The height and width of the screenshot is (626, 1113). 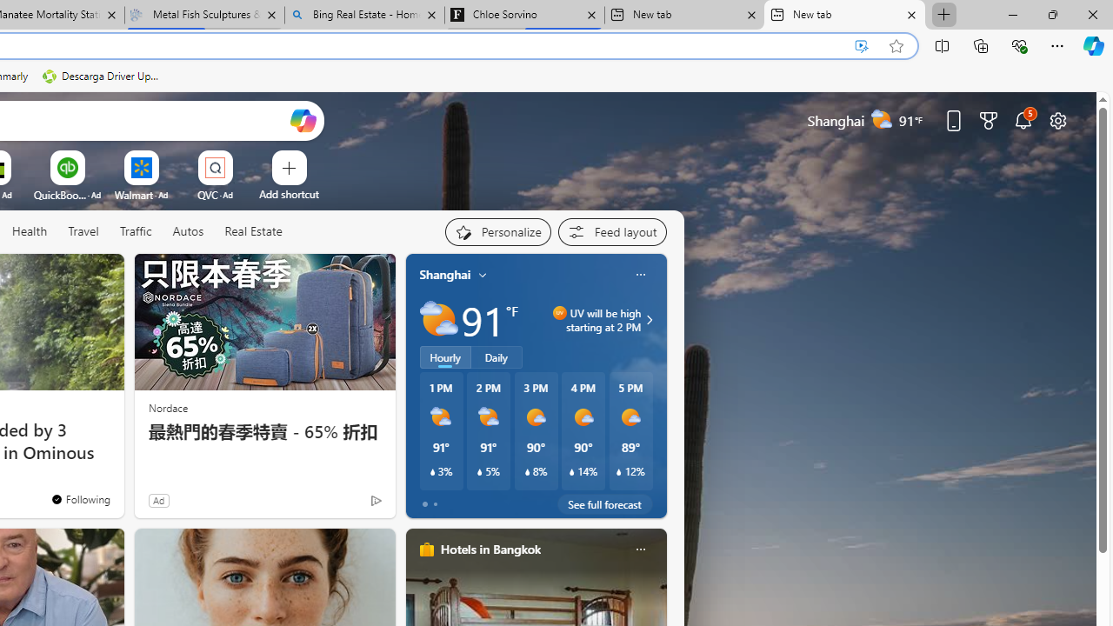 I want to click on 'Travel', so click(x=83, y=231).